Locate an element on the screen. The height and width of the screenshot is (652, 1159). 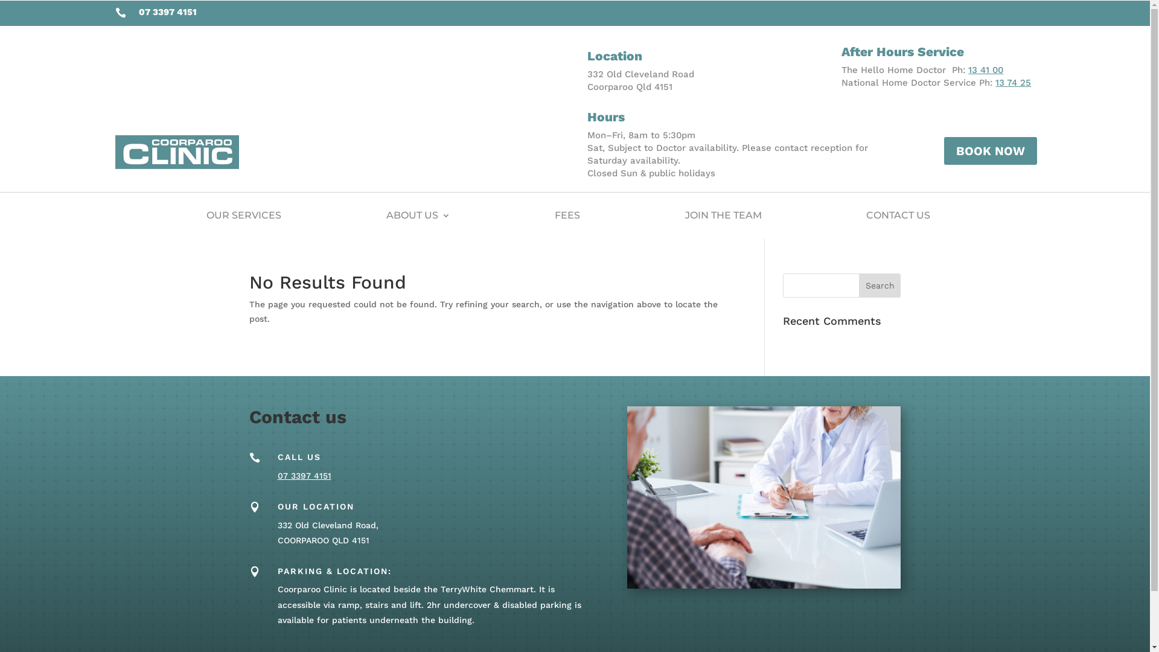
'13 41 00' is located at coordinates (985, 69).